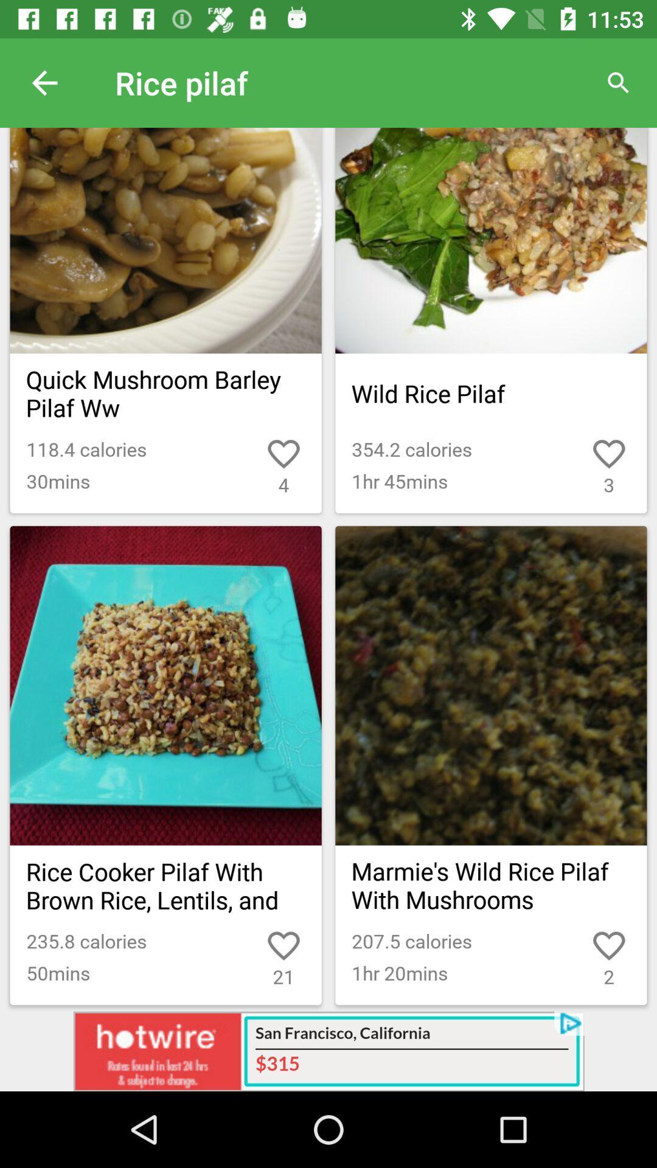 This screenshot has height=1168, width=657. Describe the element at coordinates (619, 83) in the screenshot. I see `search bar below time` at that location.